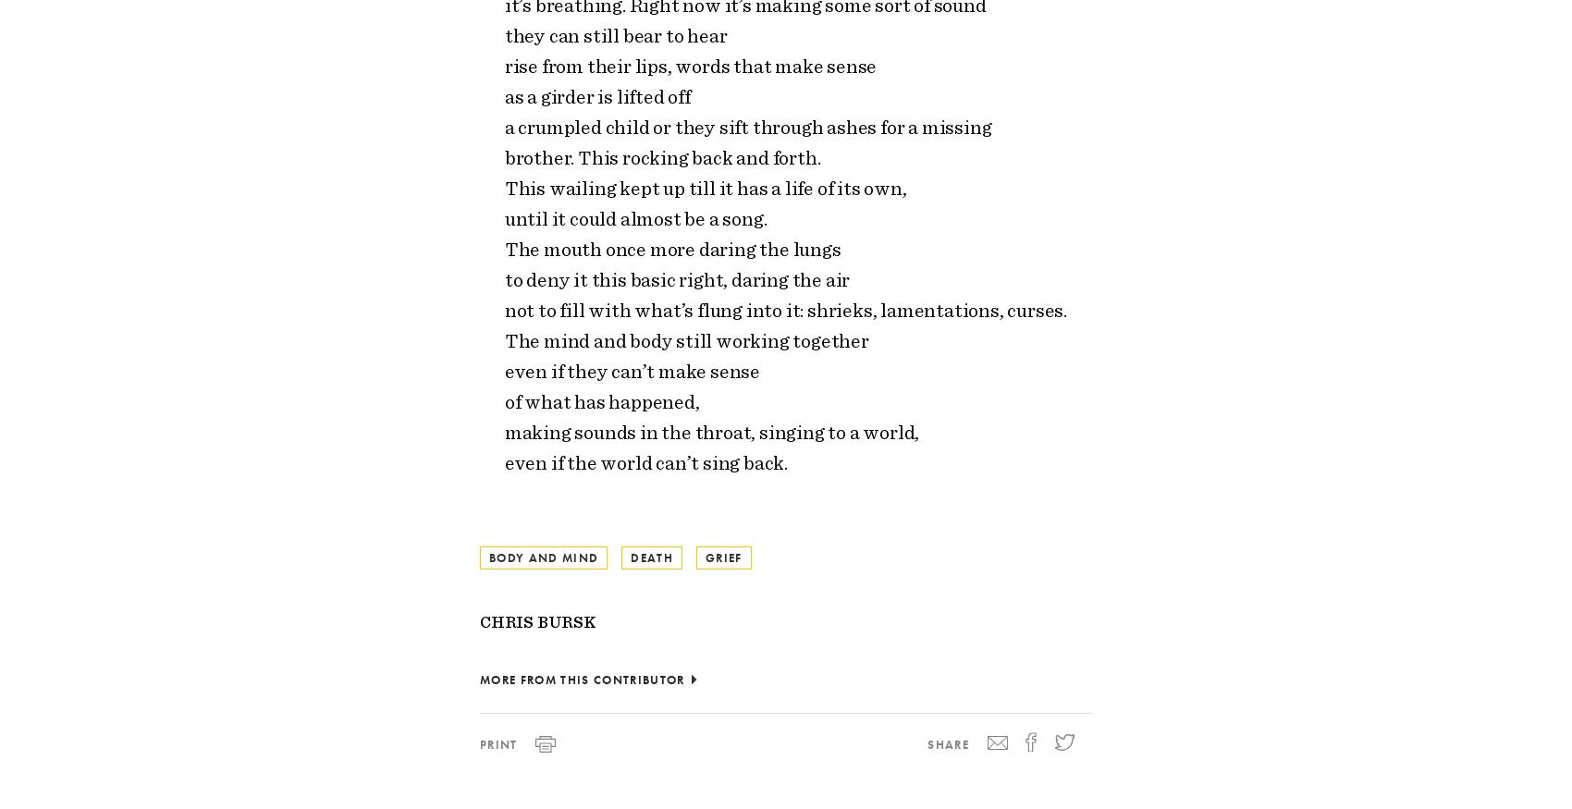  Describe the element at coordinates (634, 219) in the screenshot. I see `'until it could almost be a song.'` at that location.